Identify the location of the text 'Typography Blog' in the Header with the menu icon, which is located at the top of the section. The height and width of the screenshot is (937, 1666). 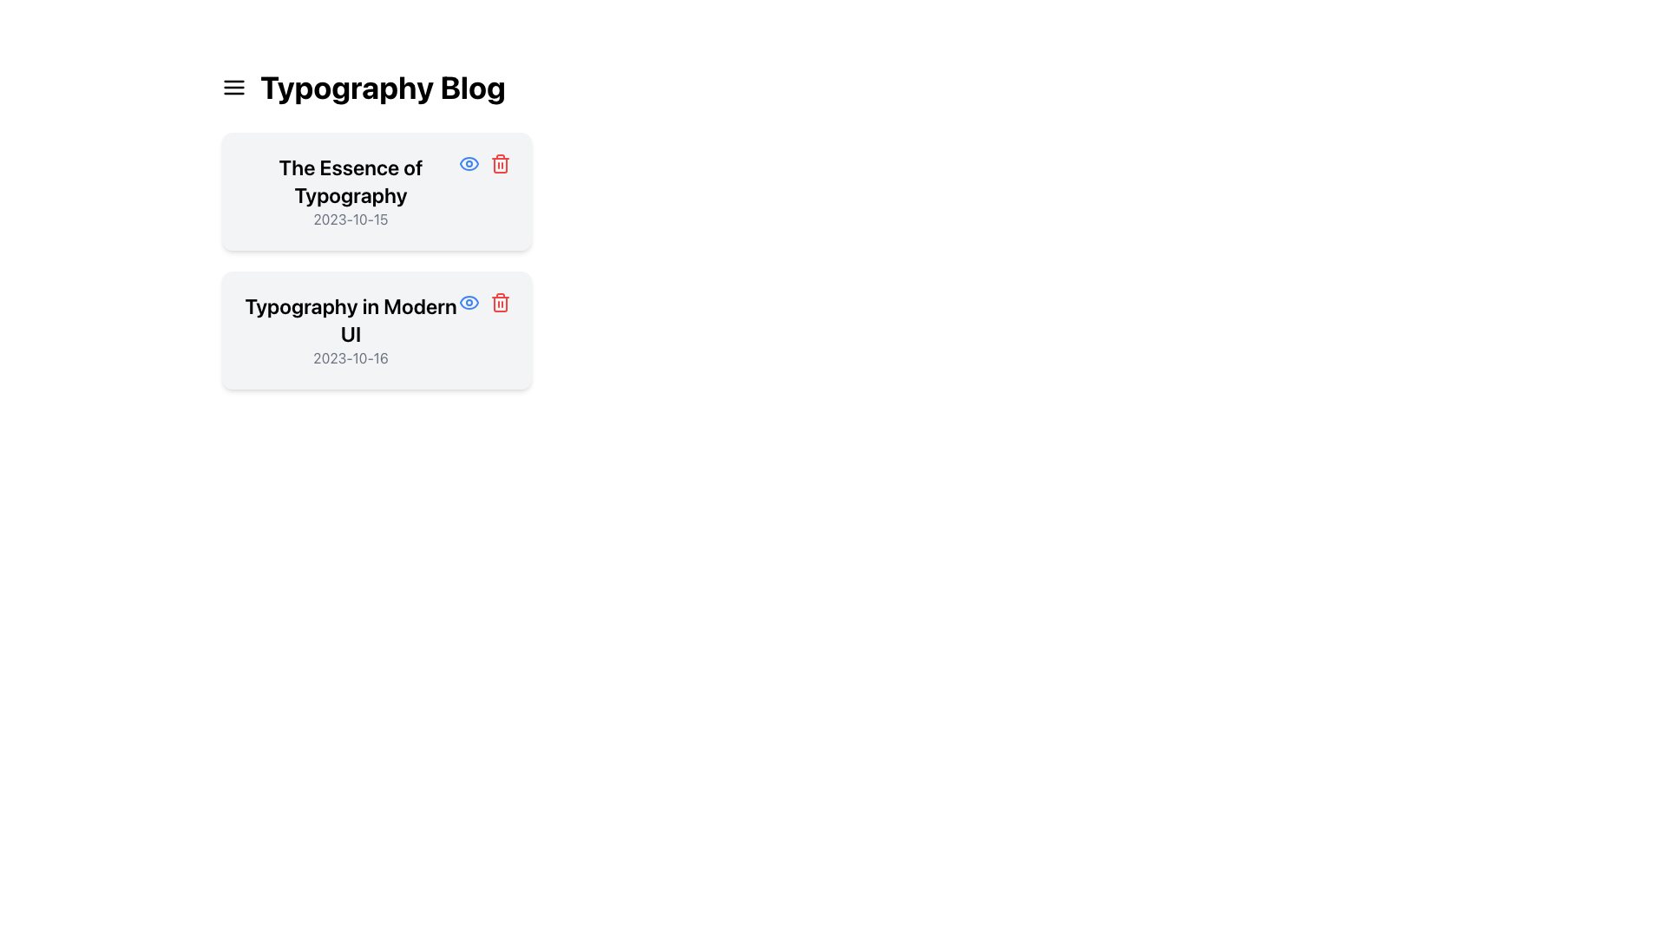
(376, 87).